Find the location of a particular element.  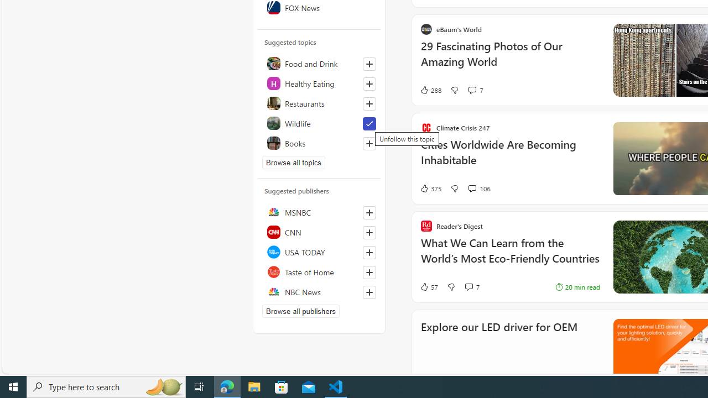

'NBC News' is located at coordinates (319, 291).